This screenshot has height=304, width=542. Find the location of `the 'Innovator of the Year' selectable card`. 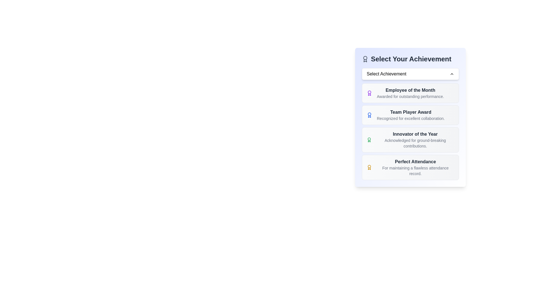

the 'Innovator of the Year' selectable card is located at coordinates (410, 140).